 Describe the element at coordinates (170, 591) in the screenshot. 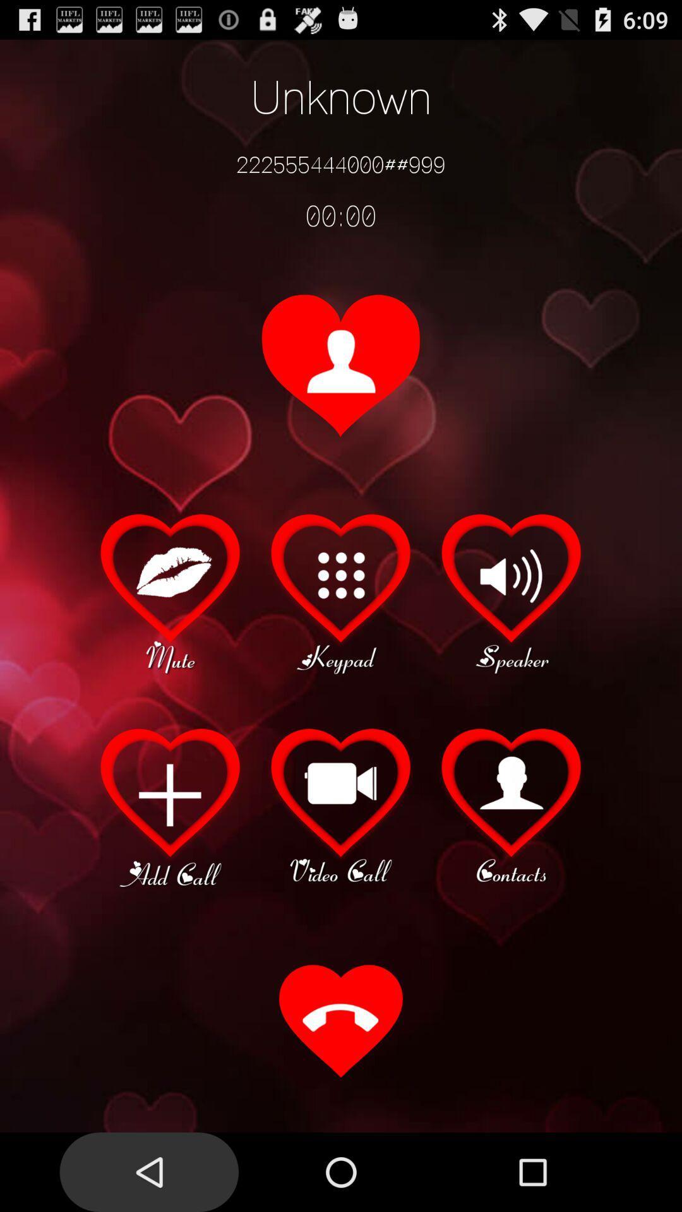

I see `mute option during call` at that location.